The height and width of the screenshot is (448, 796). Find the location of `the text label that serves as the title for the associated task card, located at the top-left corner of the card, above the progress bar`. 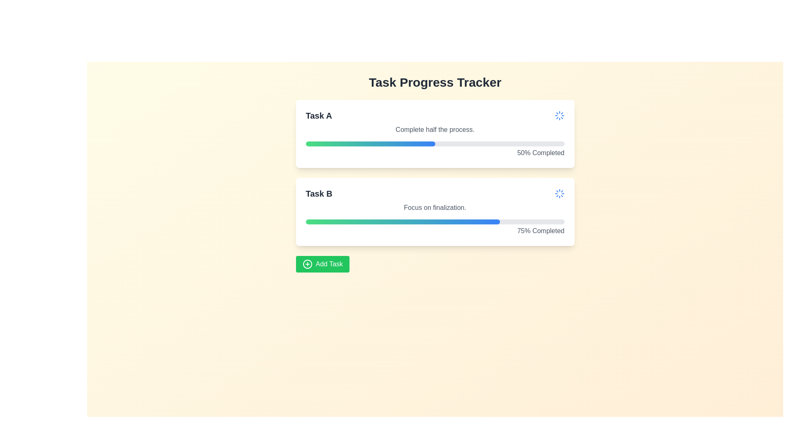

the text label that serves as the title for the associated task card, located at the top-left corner of the card, above the progress bar is located at coordinates (318, 193).